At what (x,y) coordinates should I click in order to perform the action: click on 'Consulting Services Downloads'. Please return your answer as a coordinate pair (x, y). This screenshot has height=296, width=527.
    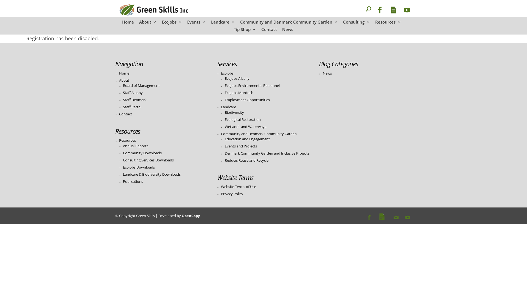
    Looking at the image, I should click on (148, 160).